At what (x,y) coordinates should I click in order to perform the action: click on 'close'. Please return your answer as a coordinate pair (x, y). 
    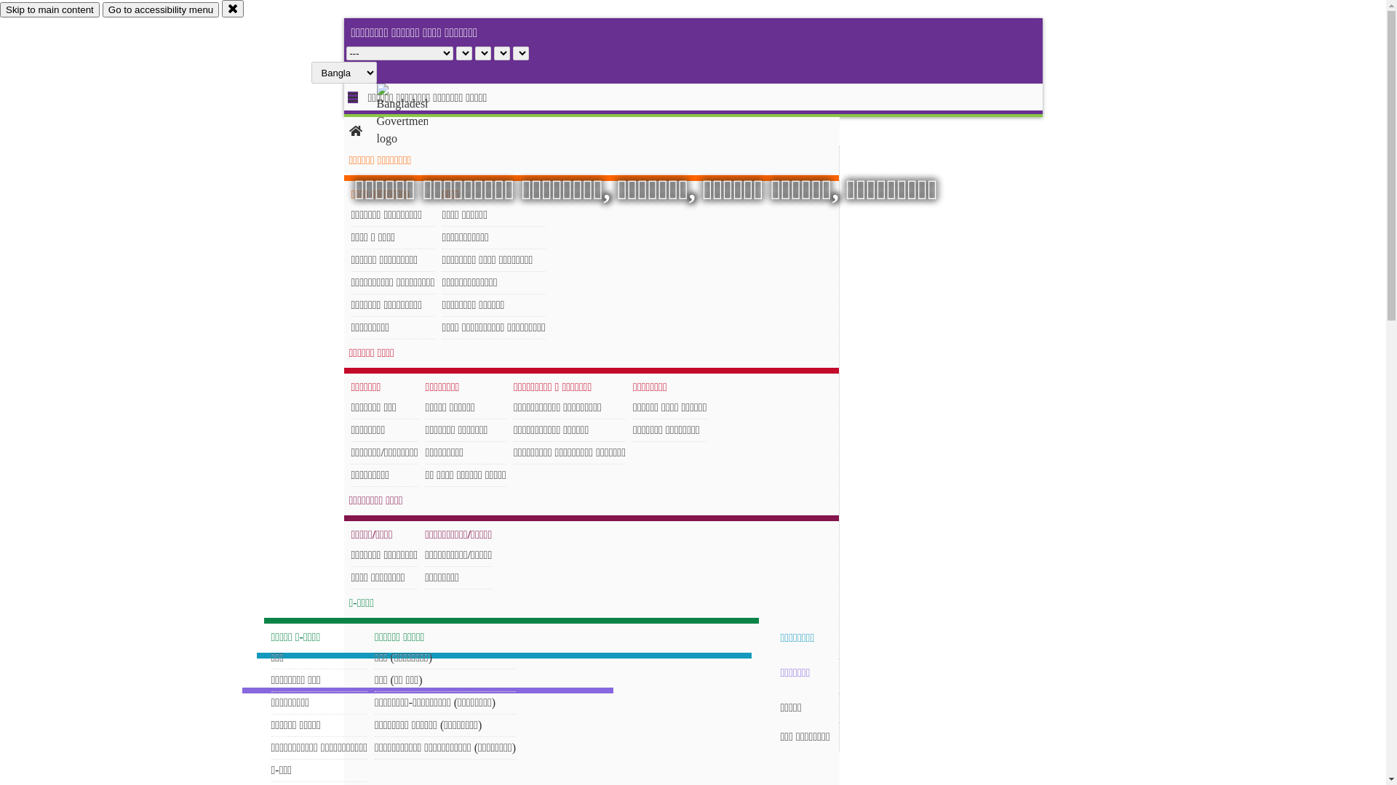
    Looking at the image, I should click on (221, 8).